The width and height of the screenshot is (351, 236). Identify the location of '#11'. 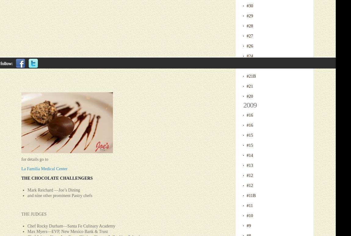
(249, 205).